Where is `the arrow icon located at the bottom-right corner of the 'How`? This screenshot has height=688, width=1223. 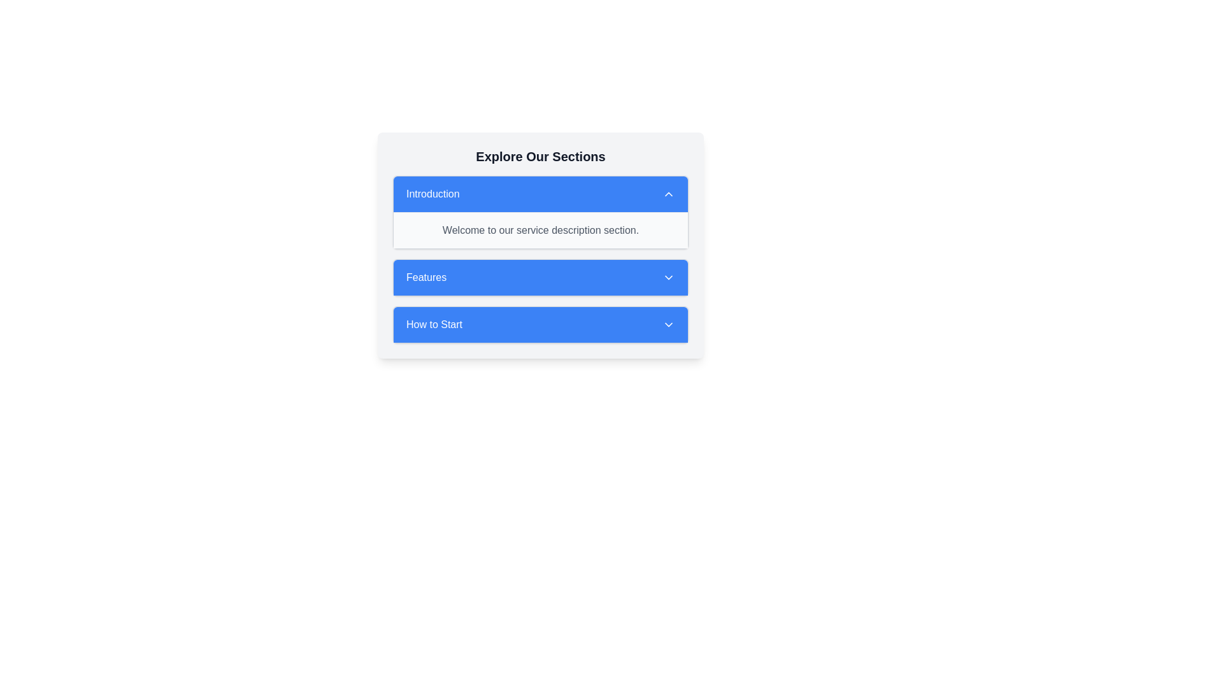
the arrow icon located at the bottom-right corner of the 'How is located at coordinates (668, 324).